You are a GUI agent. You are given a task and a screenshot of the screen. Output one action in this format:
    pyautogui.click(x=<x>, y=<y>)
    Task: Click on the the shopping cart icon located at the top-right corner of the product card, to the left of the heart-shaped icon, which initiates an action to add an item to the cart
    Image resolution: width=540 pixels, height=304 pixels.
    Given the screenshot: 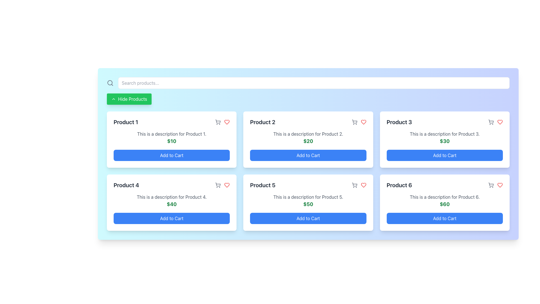 What is the action you would take?
    pyautogui.click(x=218, y=122)
    